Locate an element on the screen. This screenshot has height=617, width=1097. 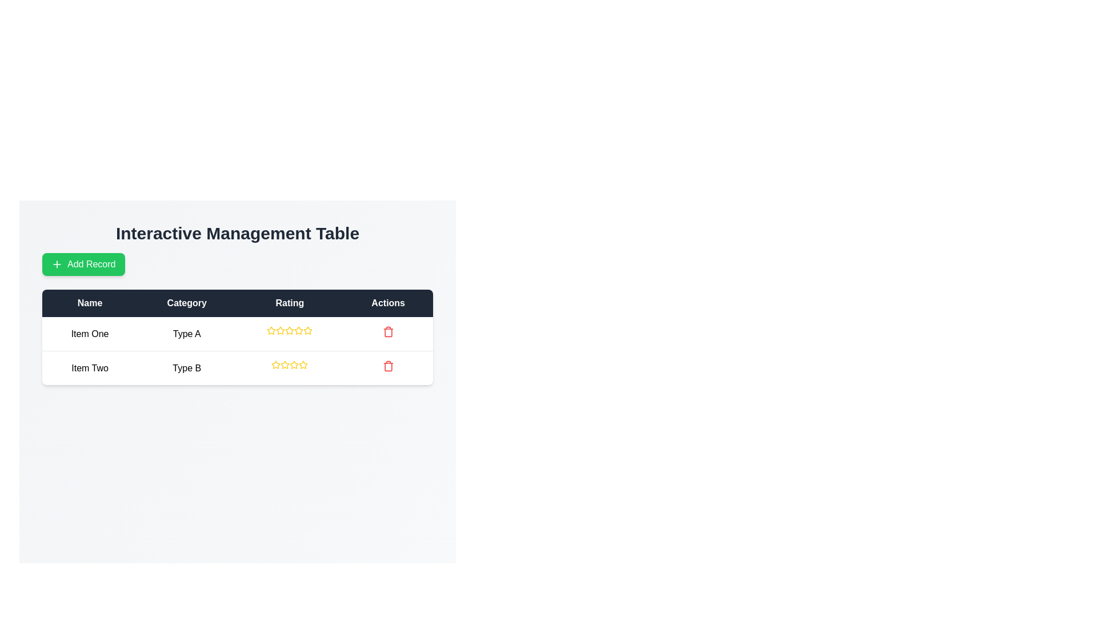
the star icons in the Rating component of the first row for 'Item One' categorized as 'Type A' is located at coordinates (290, 330).